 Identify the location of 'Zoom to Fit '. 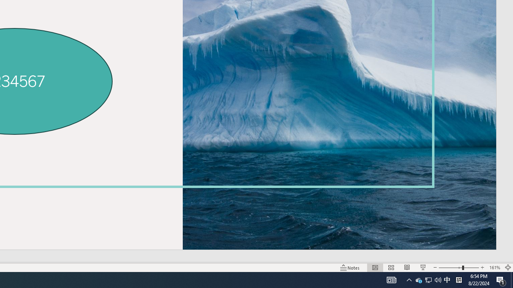
(507, 268).